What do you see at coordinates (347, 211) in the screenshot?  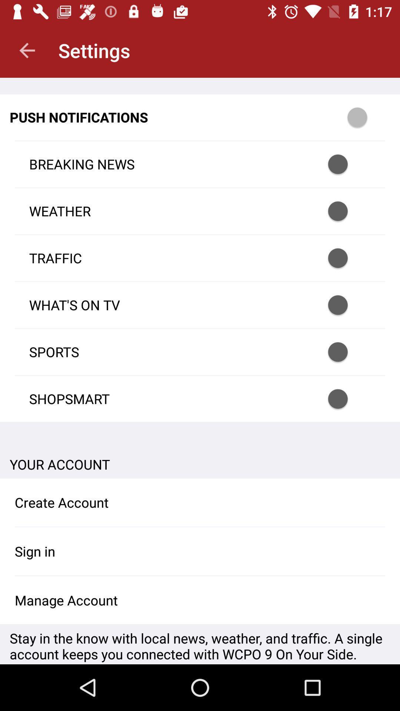 I see `toogle weather option` at bounding box center [347, 211].